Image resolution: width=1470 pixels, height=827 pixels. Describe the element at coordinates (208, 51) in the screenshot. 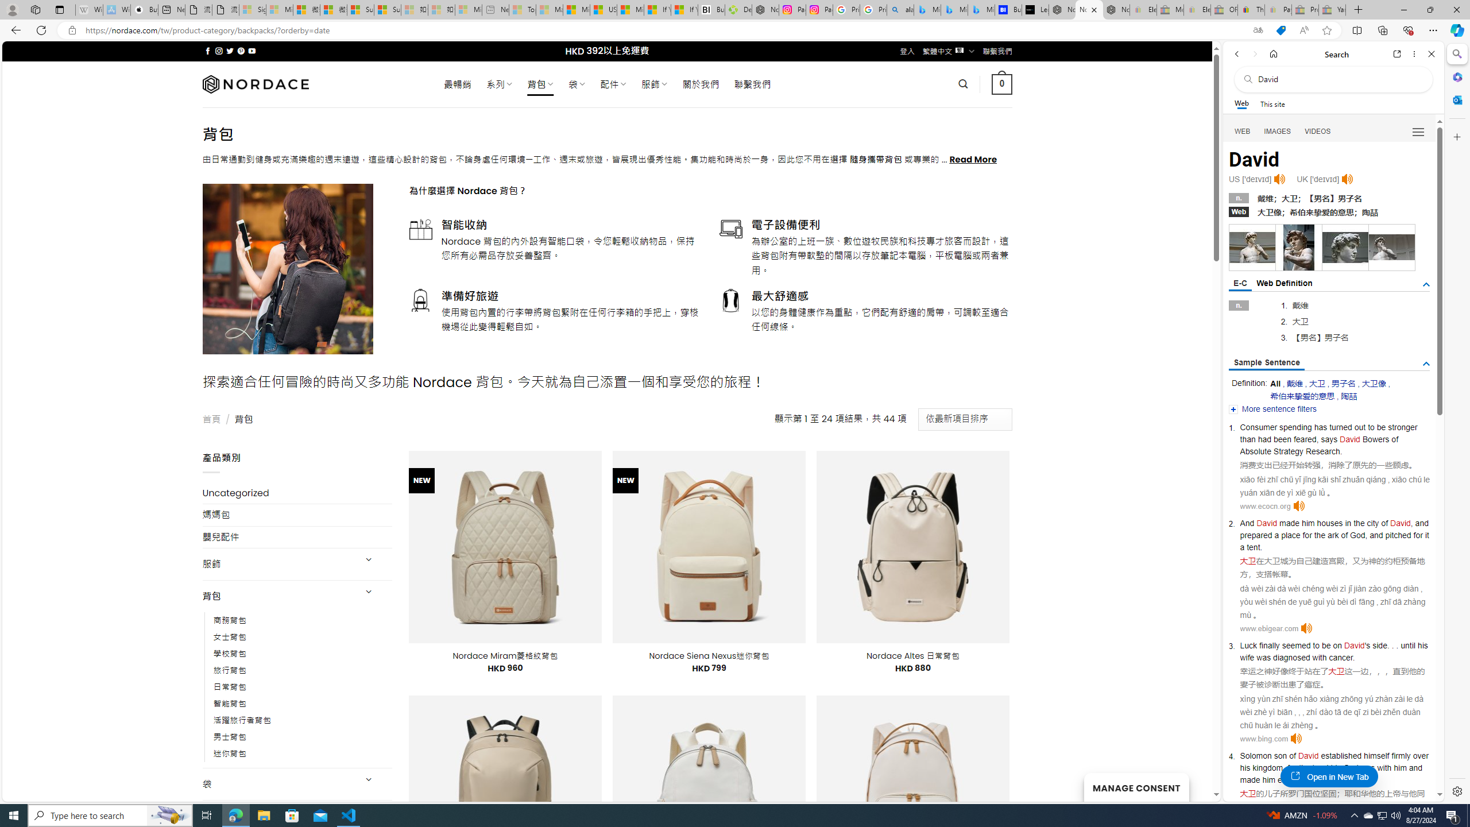

I see `'Follow on Facebook'` at that location.